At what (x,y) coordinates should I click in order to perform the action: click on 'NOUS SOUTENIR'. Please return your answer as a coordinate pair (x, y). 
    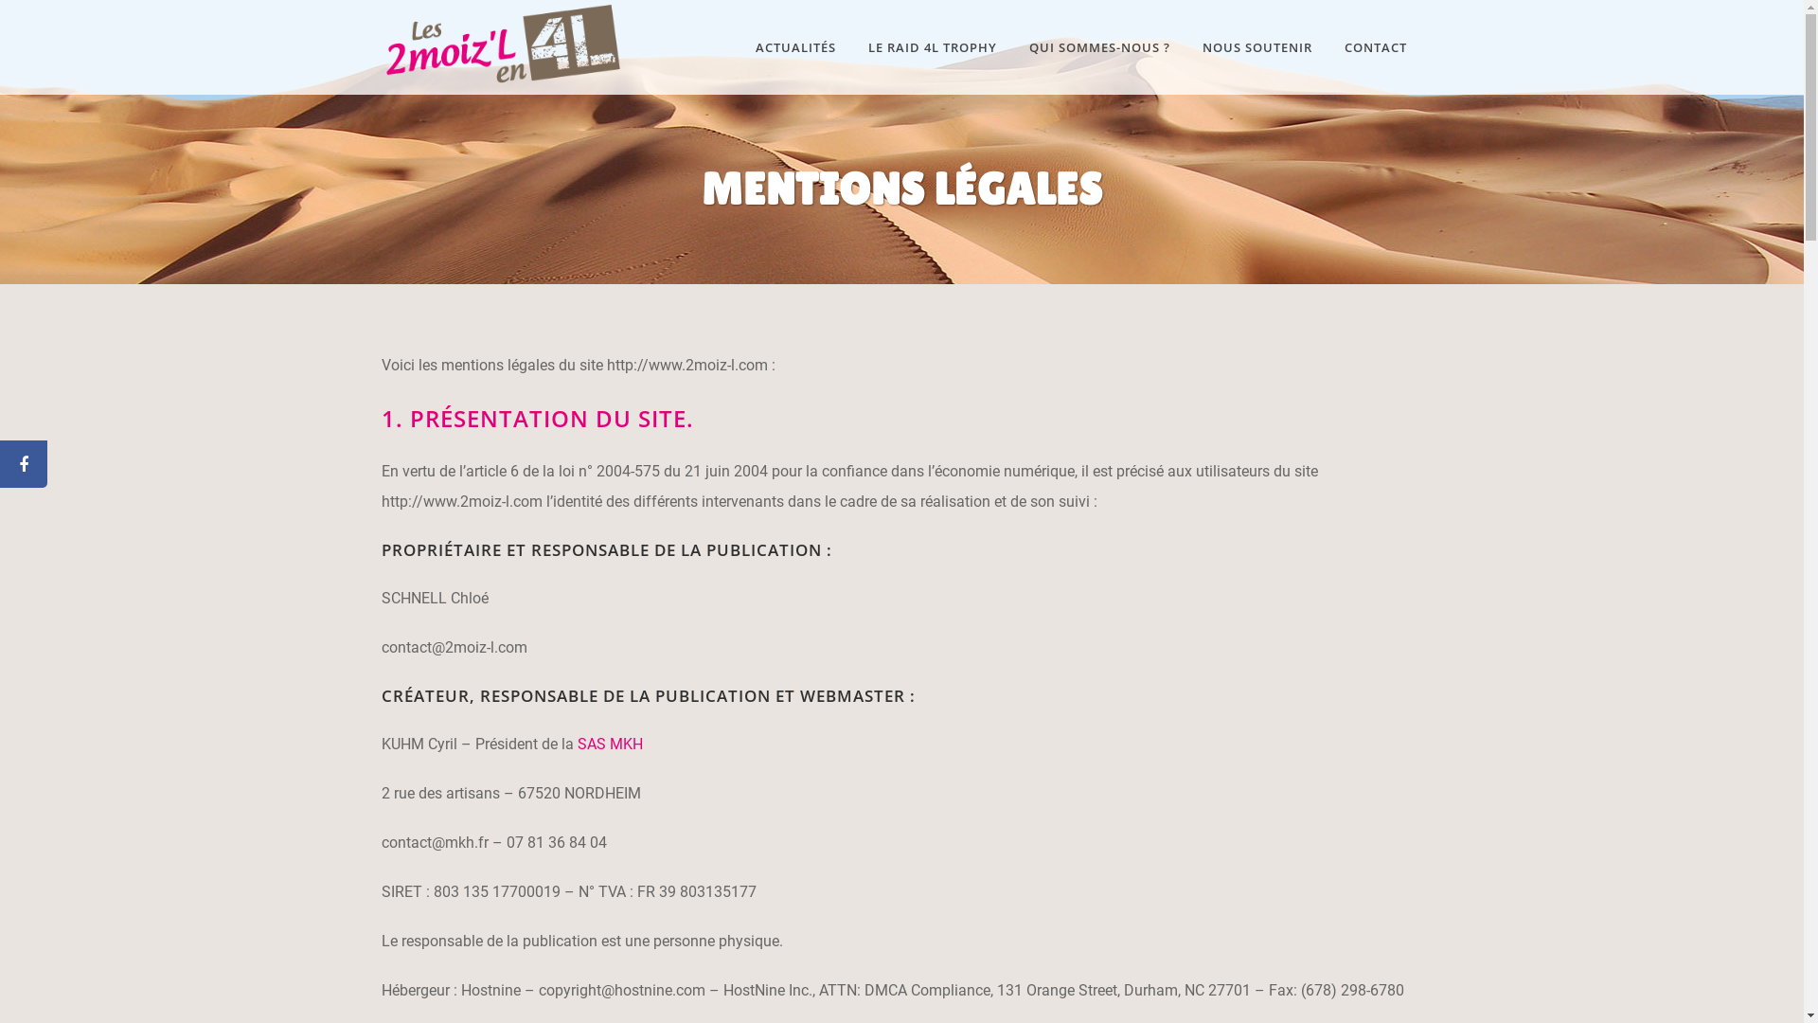
    Looking at the image, I should click on (1185, 46).